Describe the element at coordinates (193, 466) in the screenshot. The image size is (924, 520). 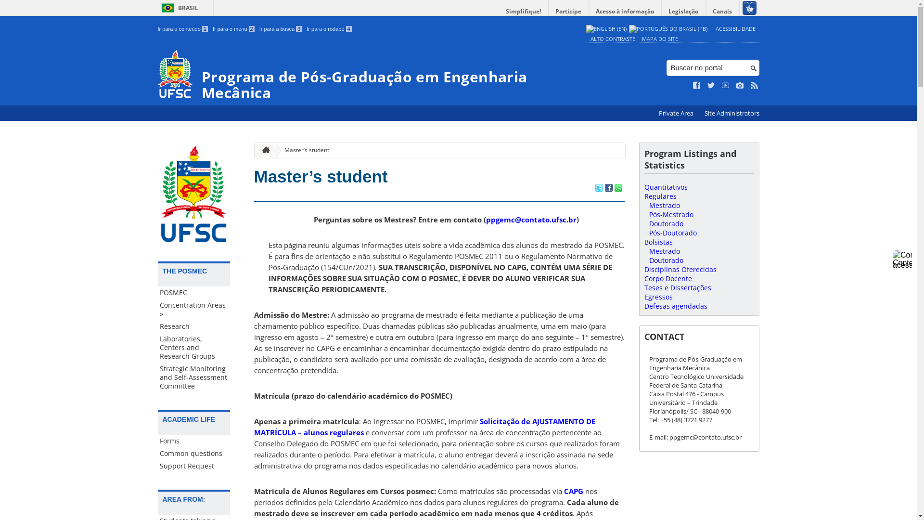
I see `'Support Request'` at that location.